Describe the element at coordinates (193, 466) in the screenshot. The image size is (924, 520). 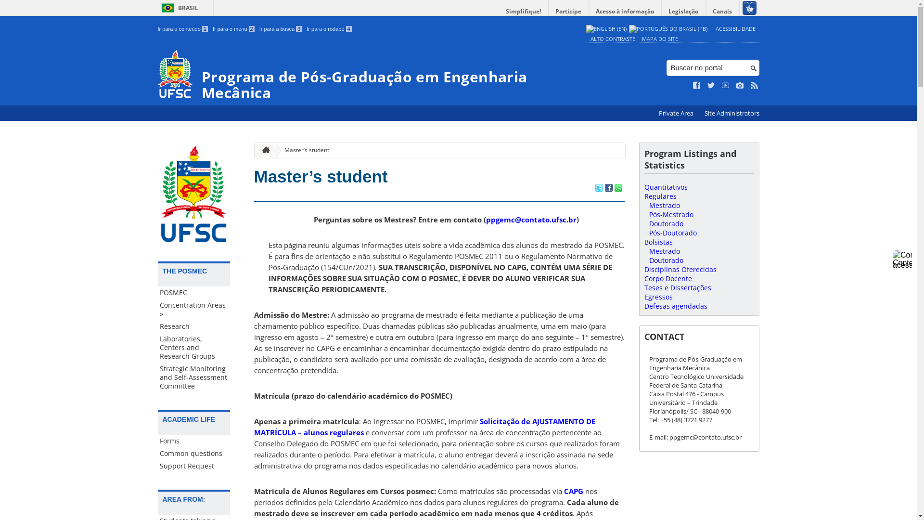
I see `'Support Request'` at that location.